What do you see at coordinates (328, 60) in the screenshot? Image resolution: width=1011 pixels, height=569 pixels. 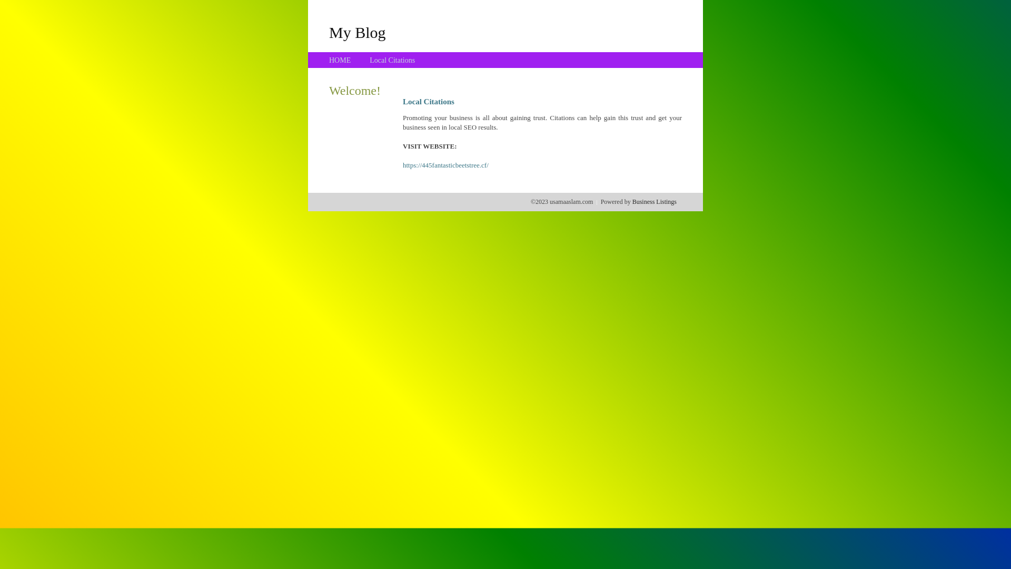 I see `'HOME'` at bounding box center [328, 60].